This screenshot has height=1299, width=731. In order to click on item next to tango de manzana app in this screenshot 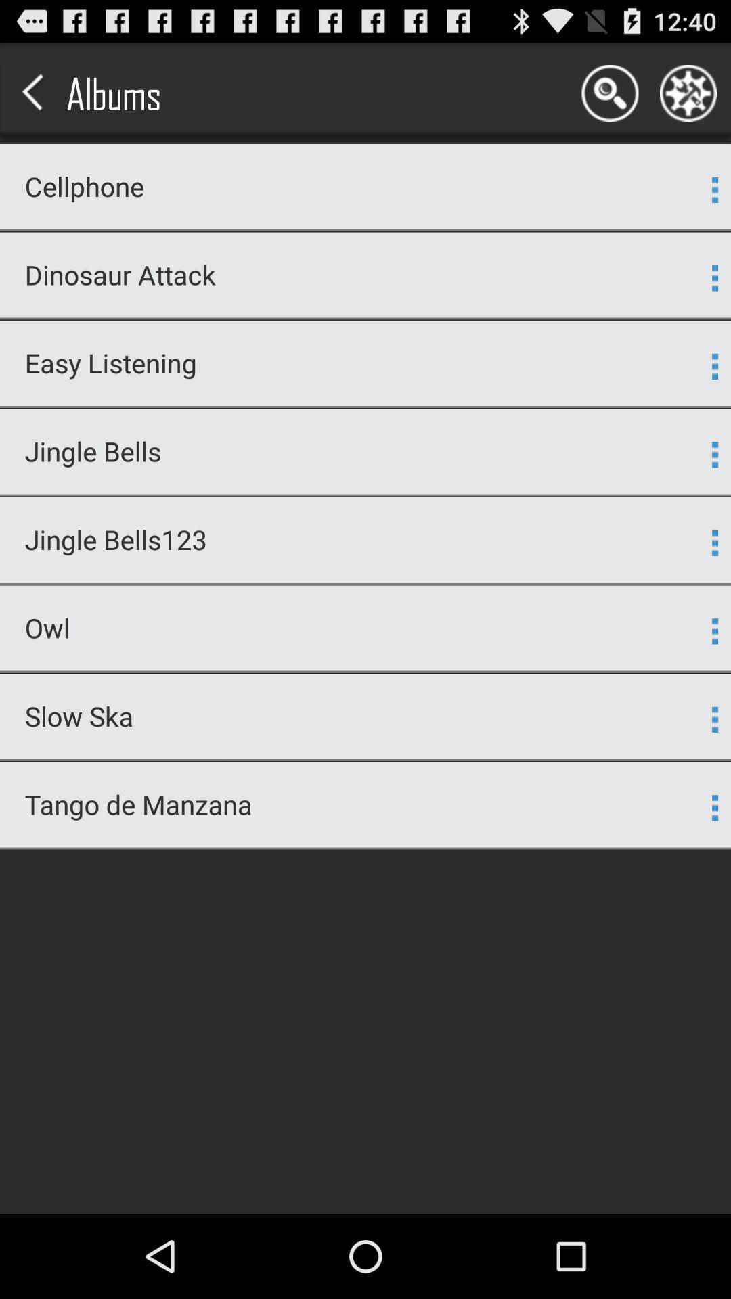, I will do `click(714, 808)`.